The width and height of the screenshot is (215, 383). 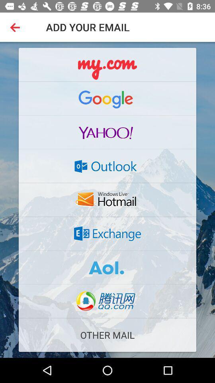 What do you see at coordinates (107, 166) in the screenshot?
I see `an outlook email address` at bounding box center [107, 166].